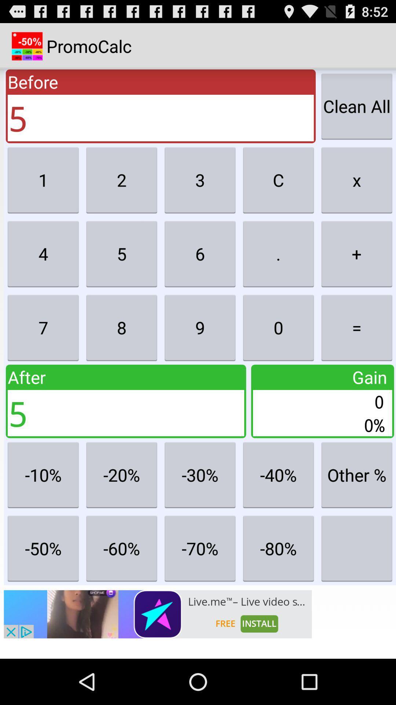 The width and height of the screenshot is (396, 705). Describe the element at coordinates (43, 254) in the screenshot. I see `number 4` at that location.